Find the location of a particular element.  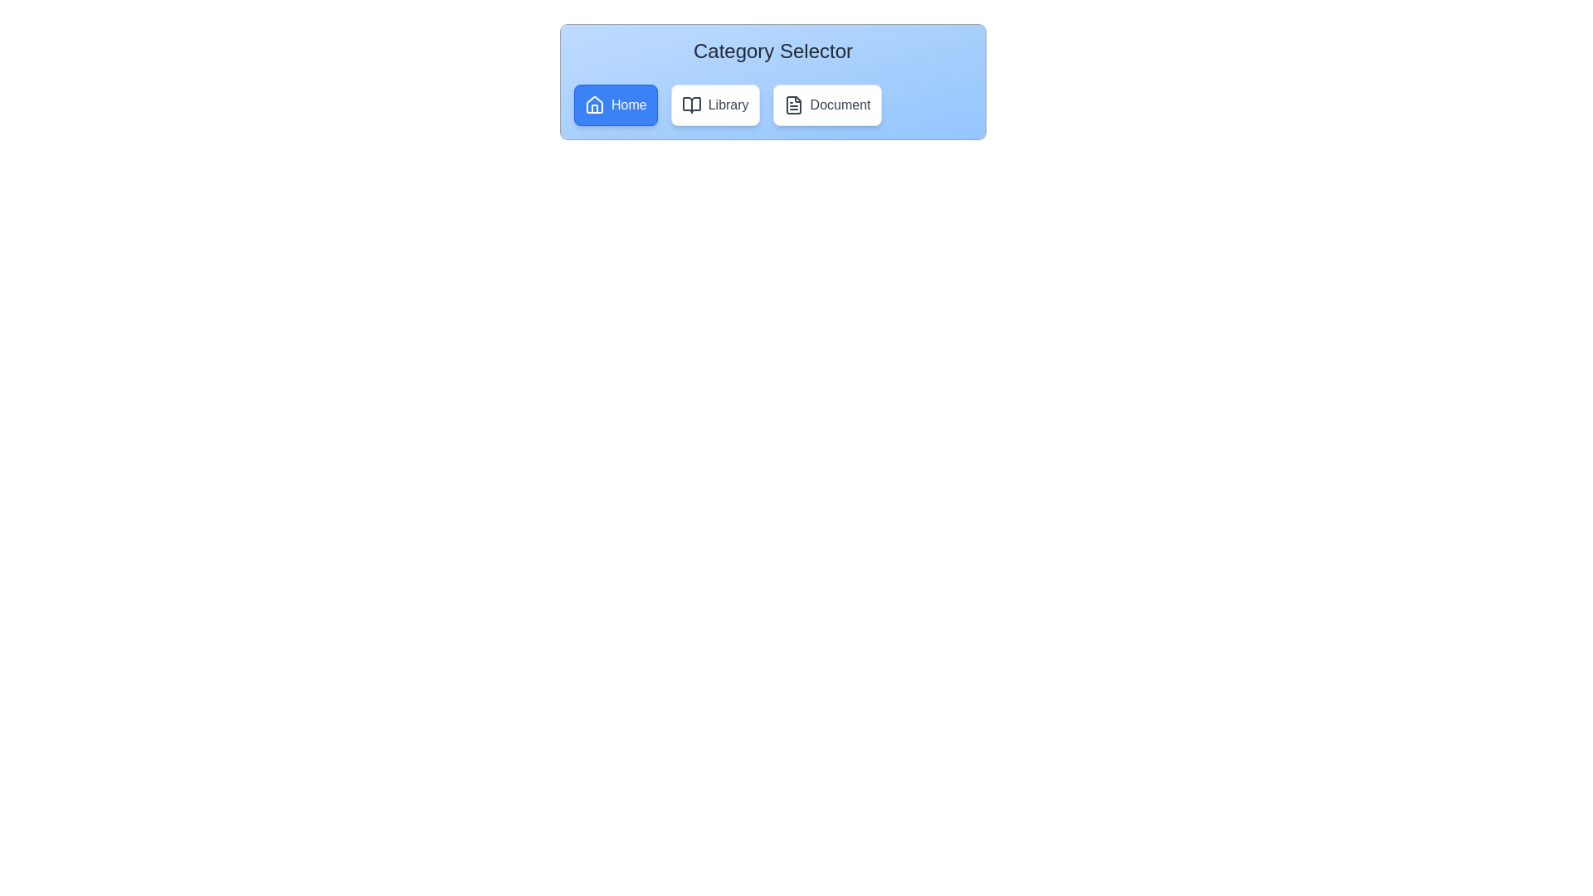

the category Document from the available options is located at coordinates (827, 105).